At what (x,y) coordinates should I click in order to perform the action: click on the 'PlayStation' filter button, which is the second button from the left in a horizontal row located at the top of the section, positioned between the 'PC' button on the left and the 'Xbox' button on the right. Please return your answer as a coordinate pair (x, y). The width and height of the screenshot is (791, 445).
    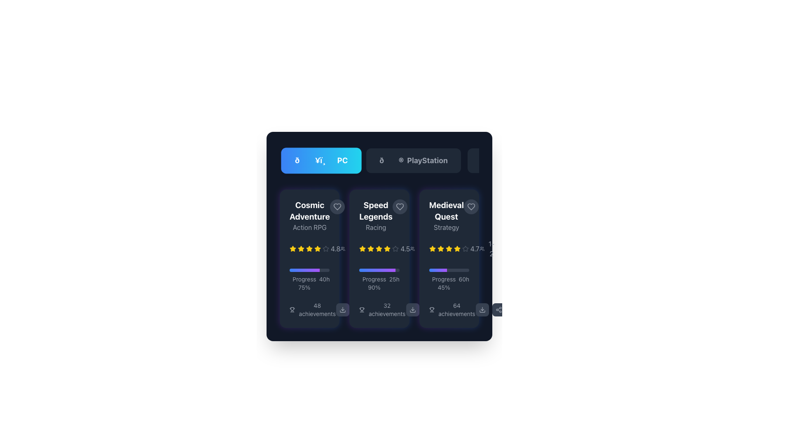
    Looking at the image, I should click on (413, 160).